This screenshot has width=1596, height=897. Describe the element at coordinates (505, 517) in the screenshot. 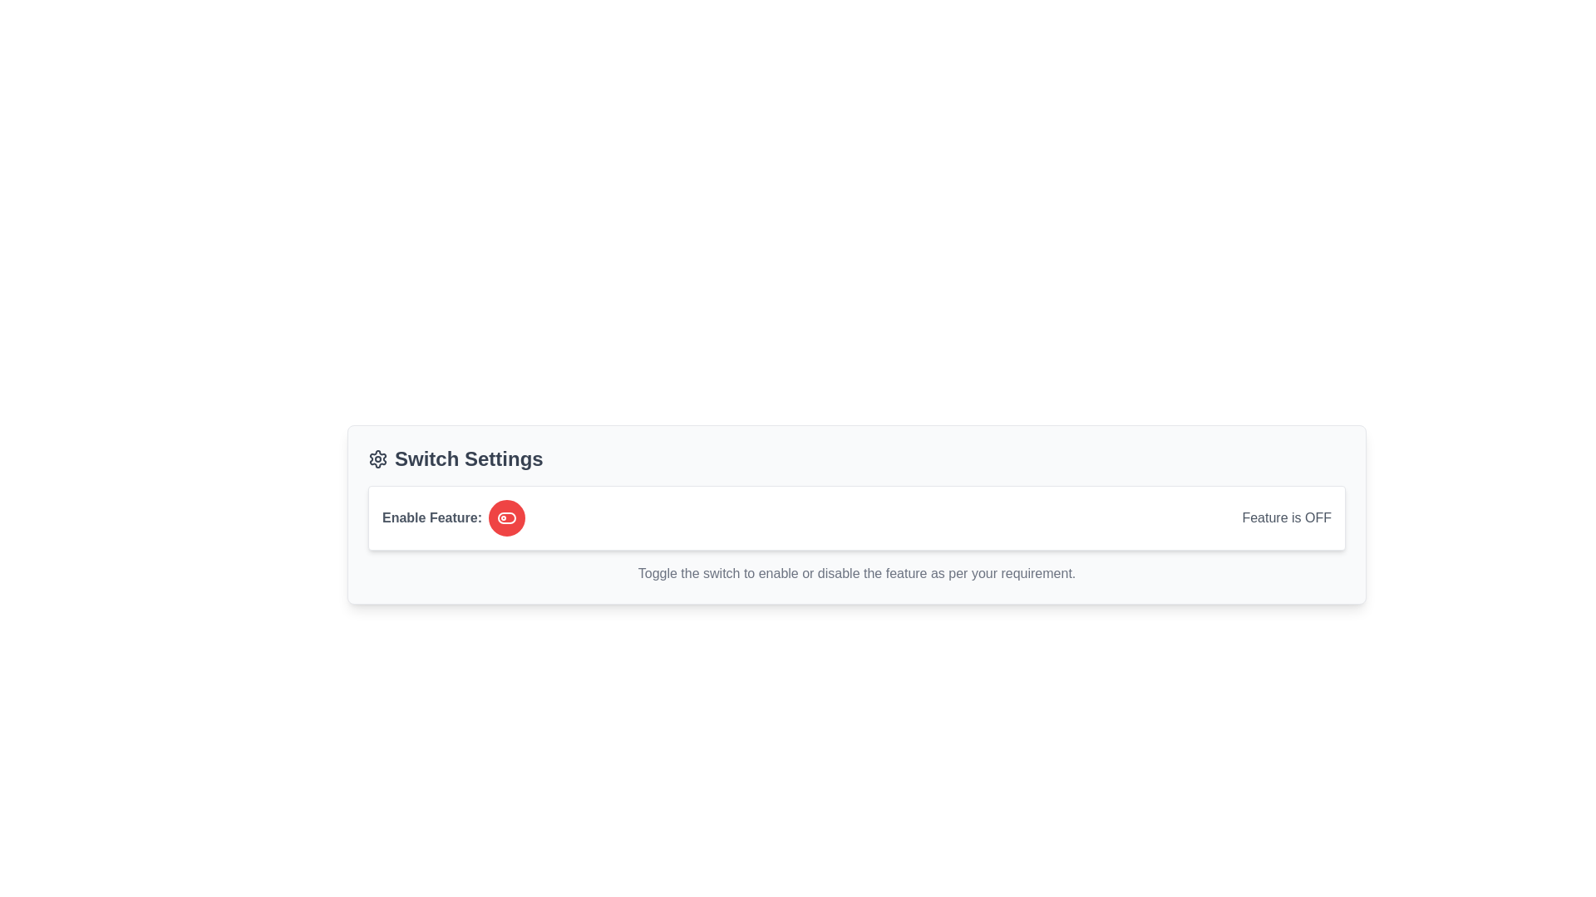

I see `the toggle switch button to change its state` at that location.